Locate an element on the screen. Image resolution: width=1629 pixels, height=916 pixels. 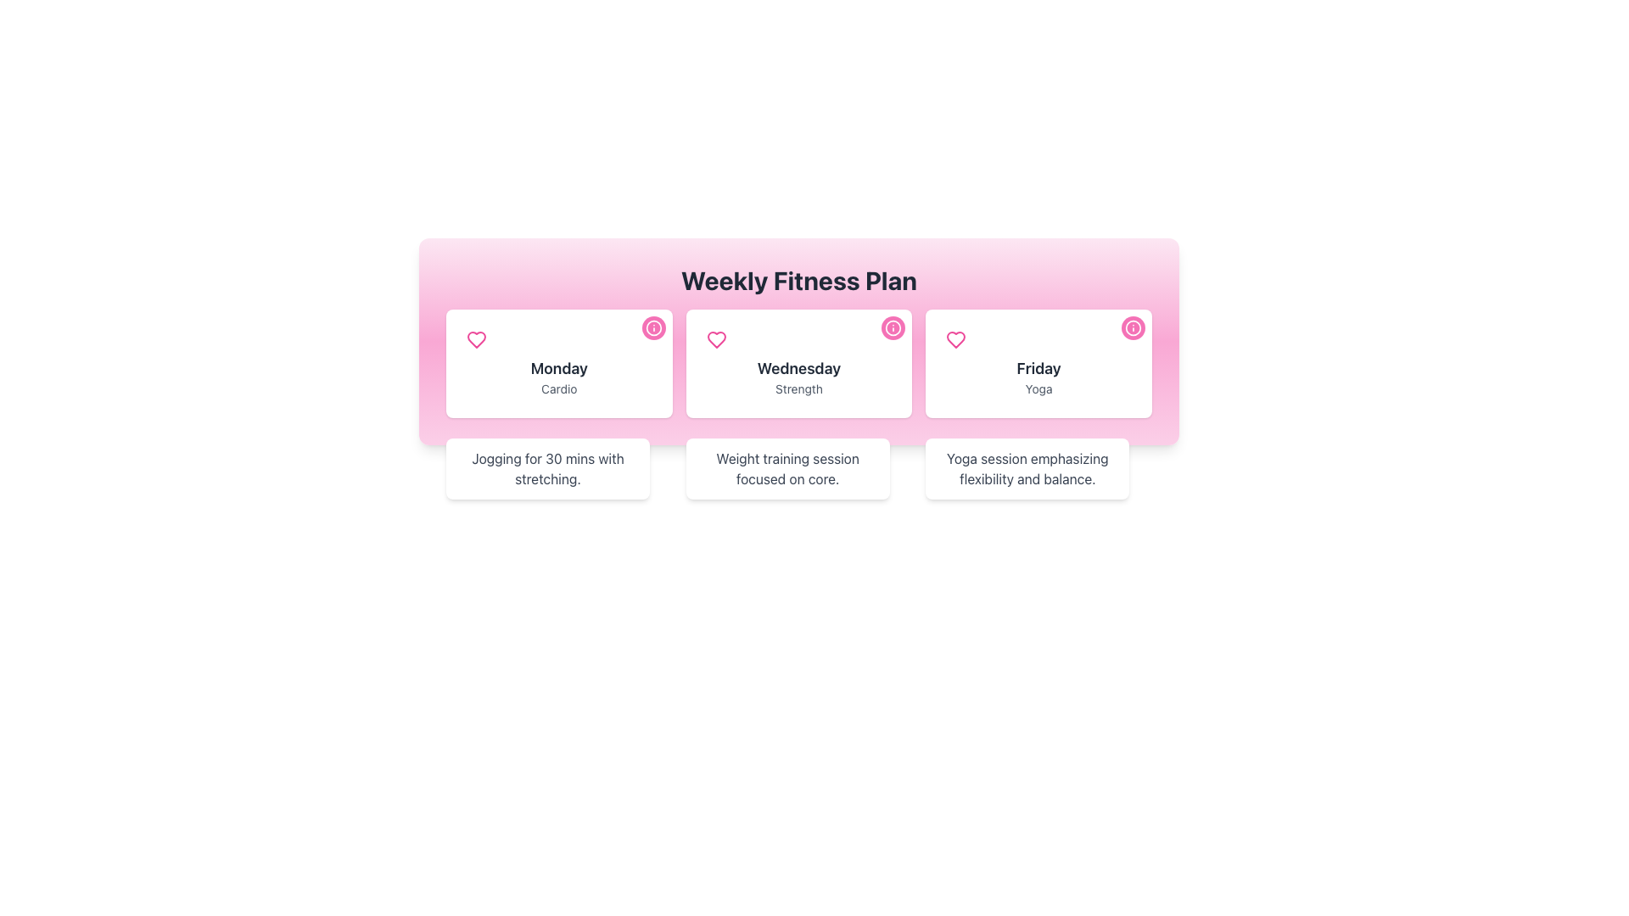
the text box displaying 'Yoga session emphasizing flexibility and balance.' positioned below the 'Friday' card in the 'Weekly Fitness Plan' layout is located at coordinates (1027, 468).